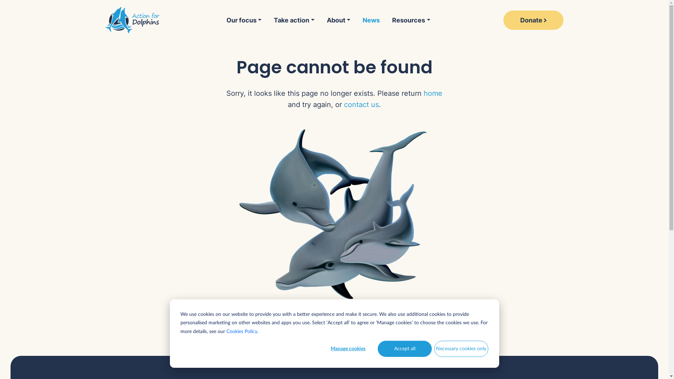 The height and width of the screenshot is (379, 674). What do you see at coordinates (344, 104) in the screenshot?
I see `'contact us'` at bounding box center [344, 104].